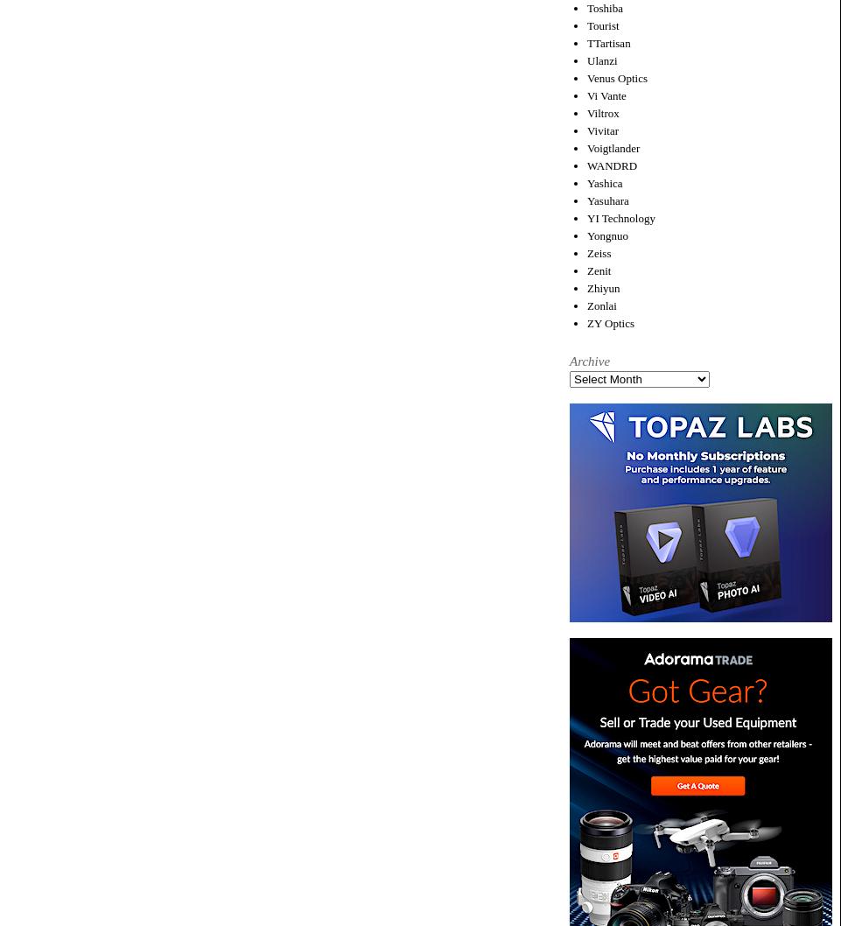 Image resolution: width=841 pixels, height=926 pixels. Describe the element at coordinates (602, 111) in the screenshot. I see `'Viltrox'` at that location.